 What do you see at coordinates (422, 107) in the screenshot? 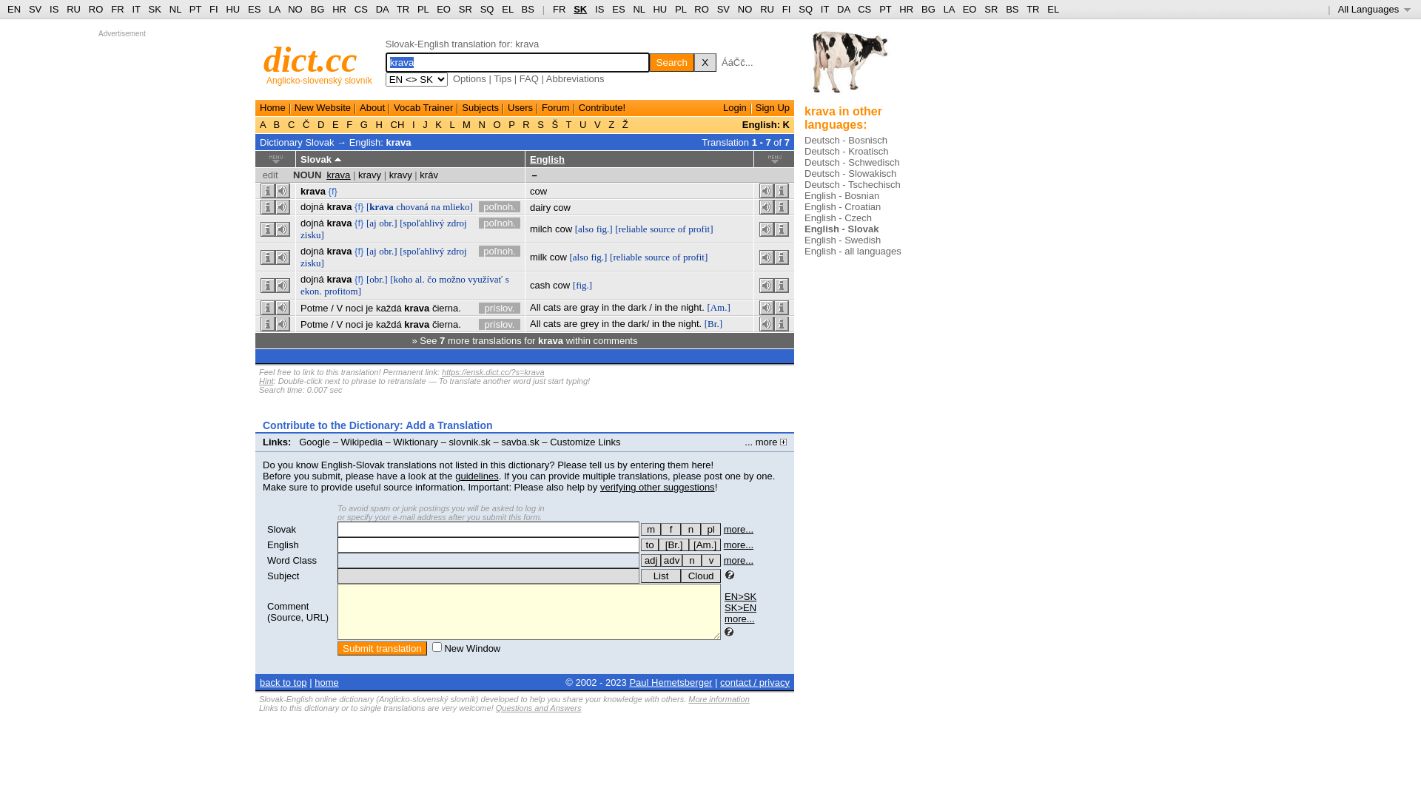
I see `'Vocab Trainer'` at bounding box center [422, 107].